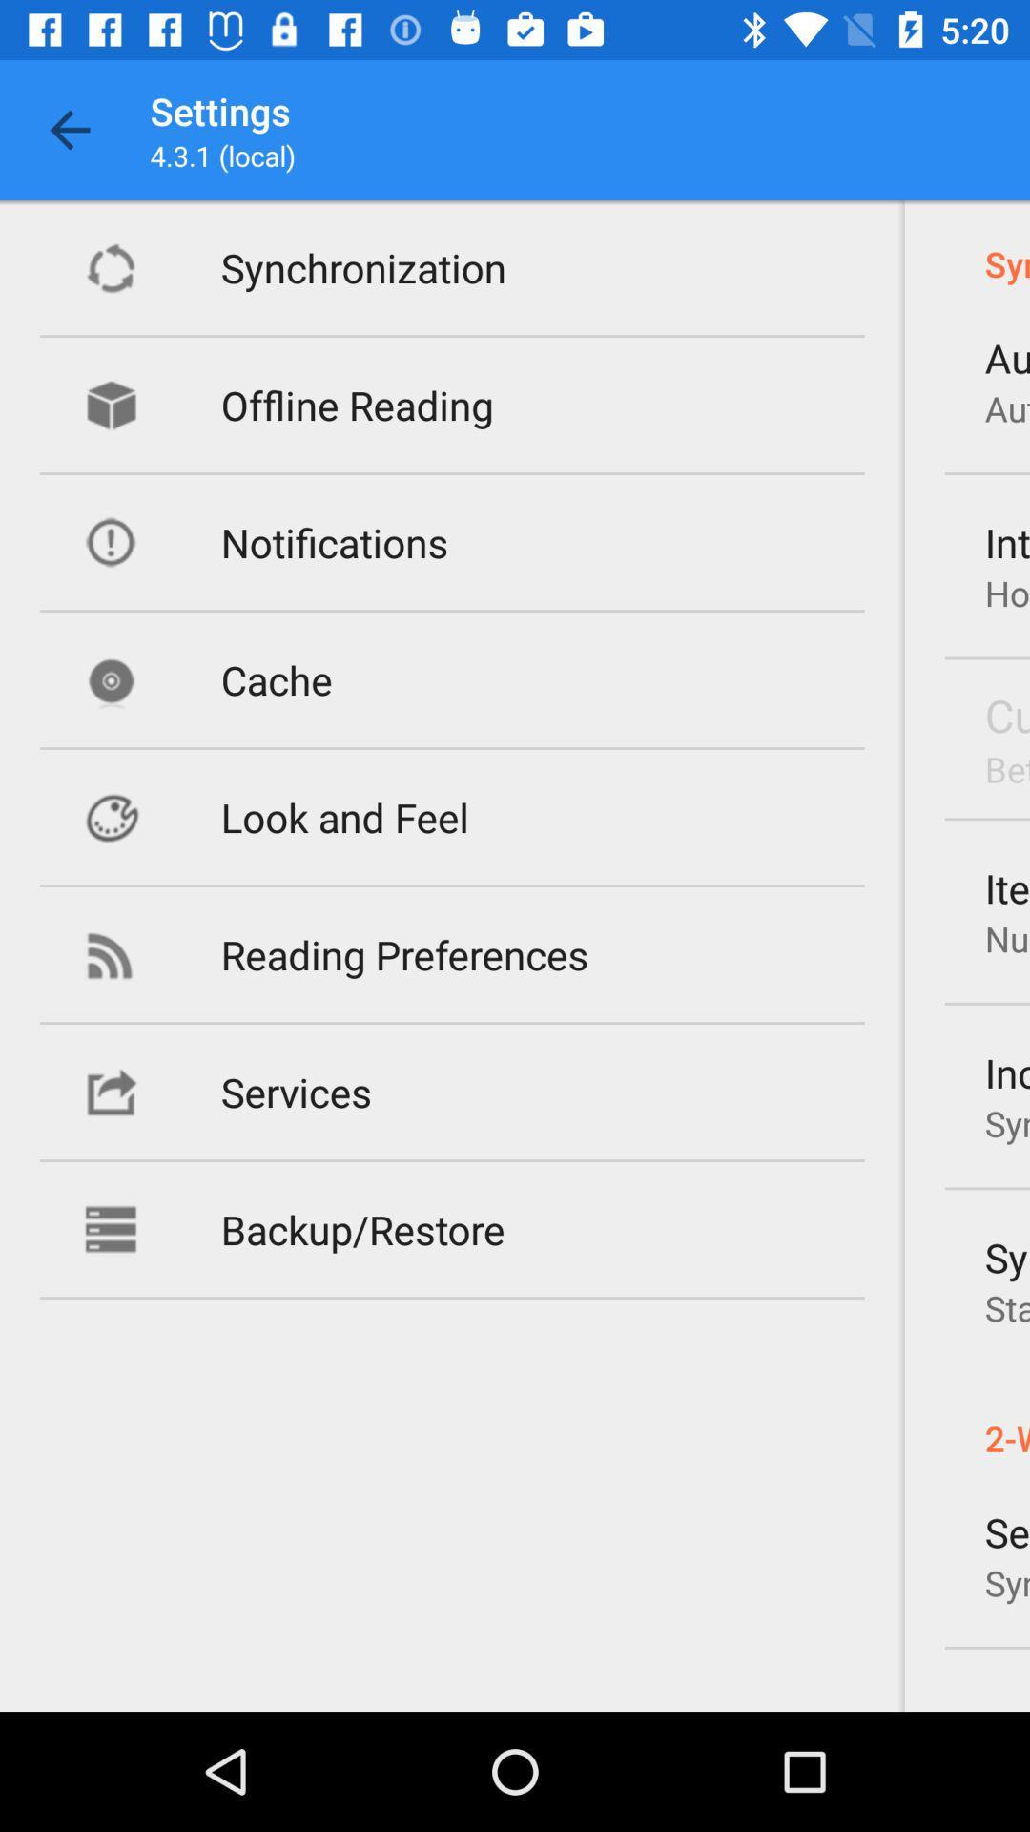 This screenshot has width=1030, height=1832. I want to click on the between 0 and, so click(1006, 769).